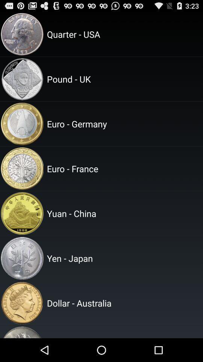  I want to click on euro - germany icon, so click(124, 124).